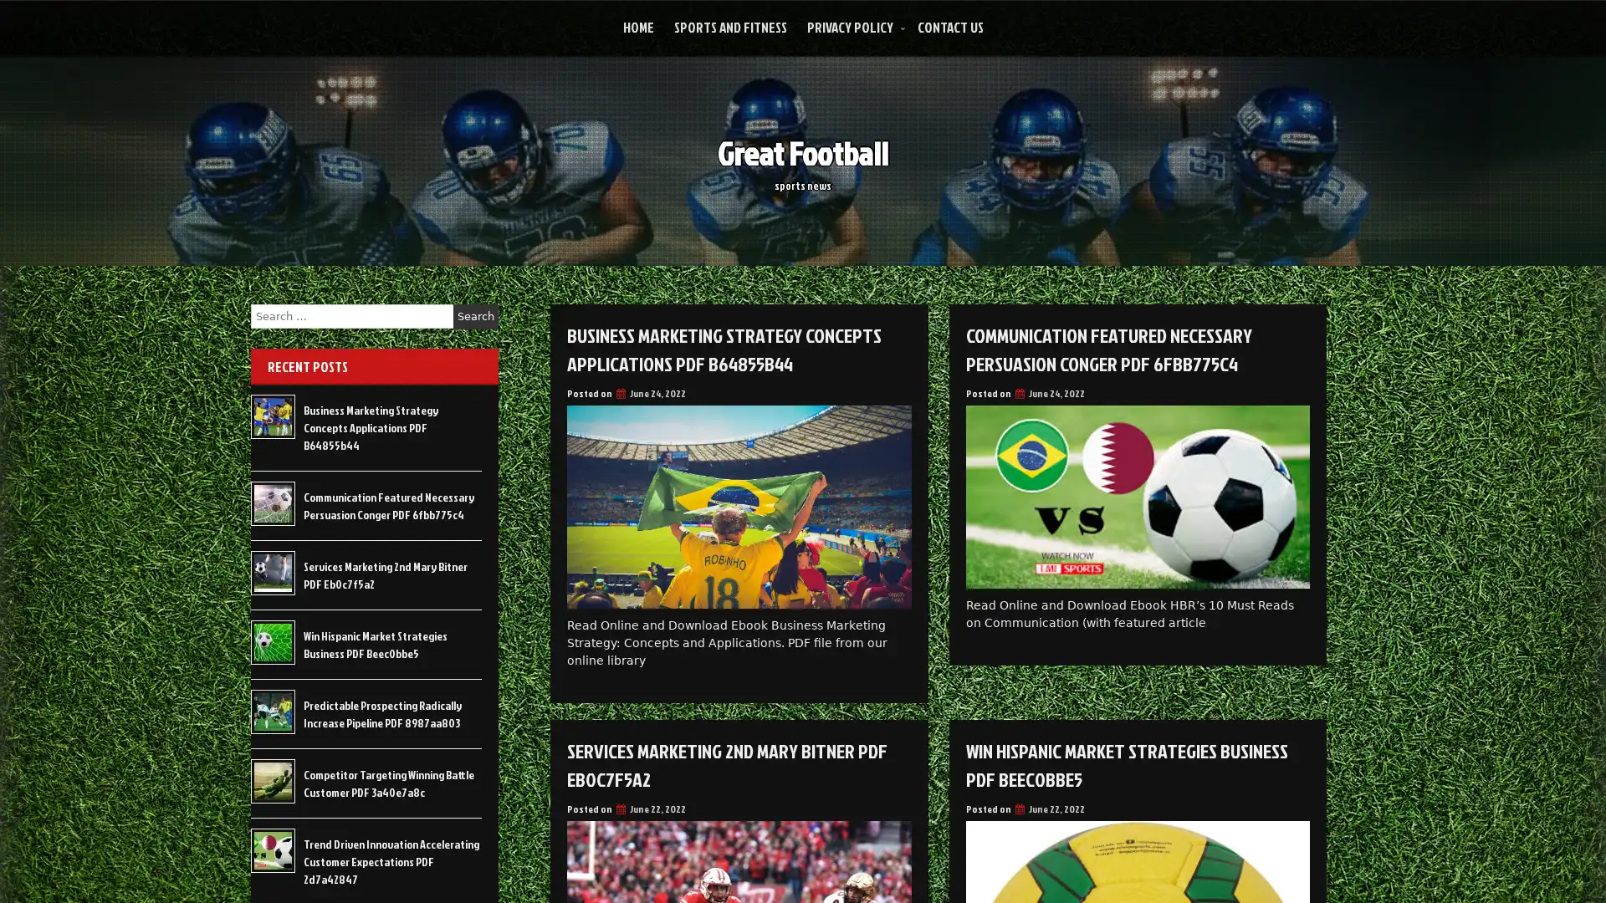 The image size is (1606, 903). What do you see at coordinates (475, 316) in the screenshot?
I see `Search` at bounding box center [475, 316].